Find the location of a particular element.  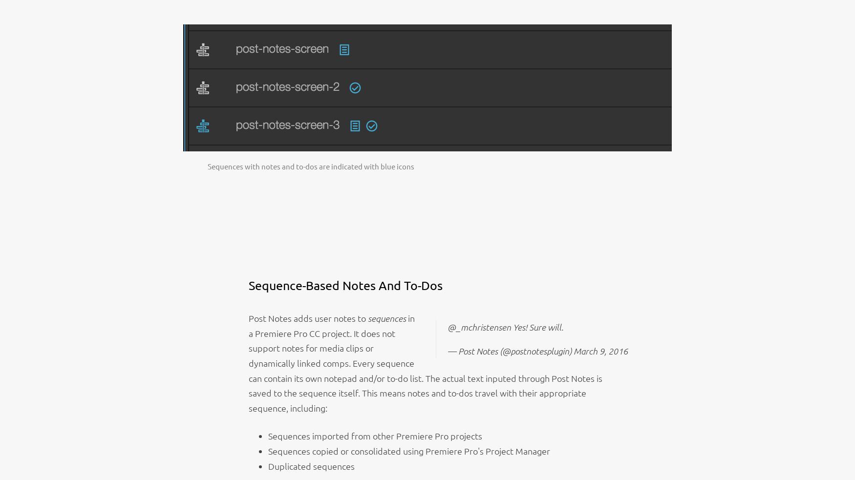

'Sequences with notes and to-dos are indicated with blue icons' is located at coordinates (310, 165).